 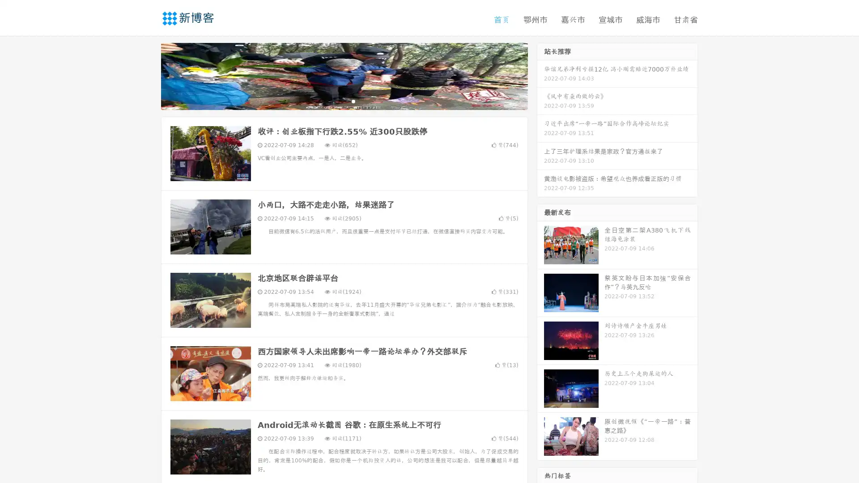 I want to click on Go to slide 1, so click(x=335, y=101).